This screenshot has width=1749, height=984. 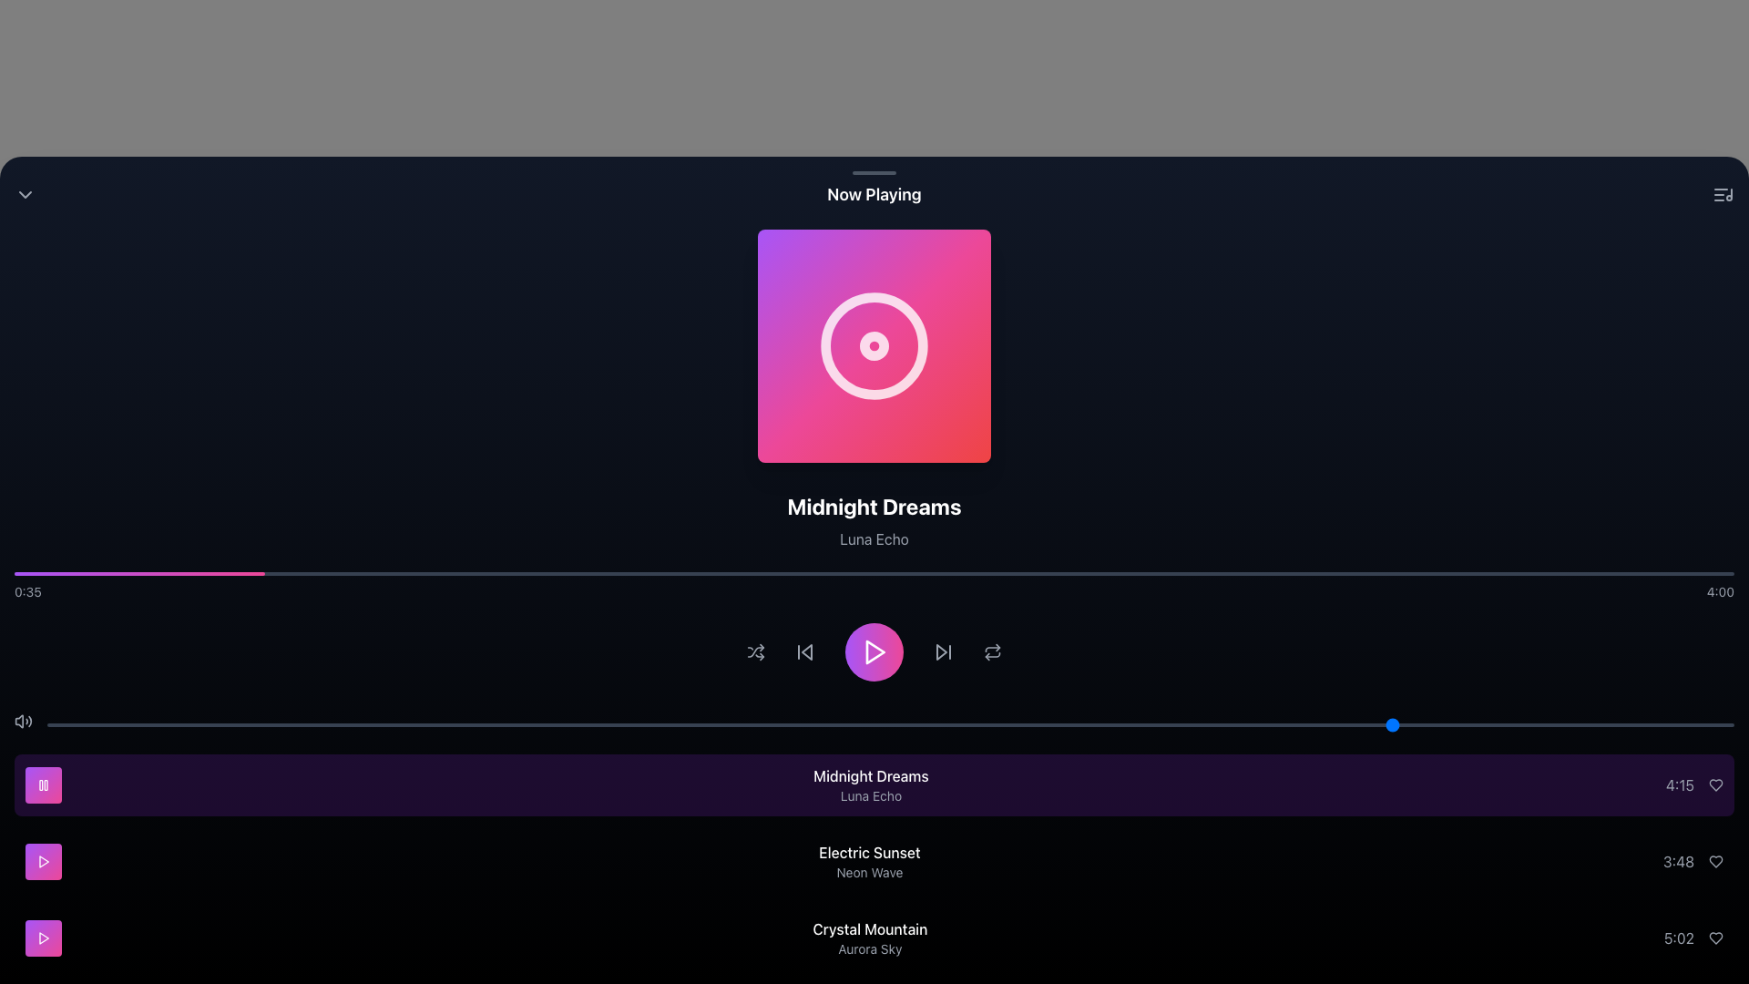 I want to click on the heart-shaped interactive icon located adjacent to the timestamp '5:02', so click(x=1714, y=938).